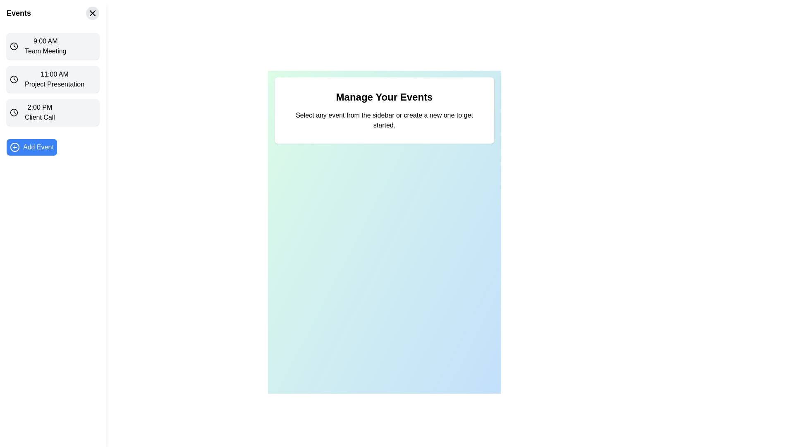  What do you see at coordinates (14, 79) in the screenshot?
I see `the Circular SVG graphical element that is part of the clock icon in the left sidebar, next to '11:00 AM Project Presentation'` at bounding box center [14, 79].